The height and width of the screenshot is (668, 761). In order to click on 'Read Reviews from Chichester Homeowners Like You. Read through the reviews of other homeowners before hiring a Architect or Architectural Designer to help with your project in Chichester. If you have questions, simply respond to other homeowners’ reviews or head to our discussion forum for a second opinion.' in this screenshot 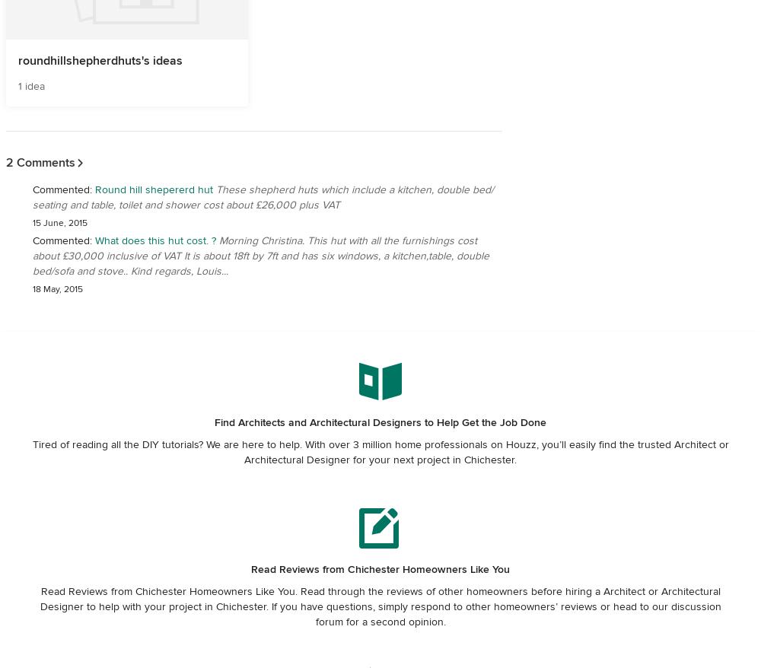, I will do `click(379, 605)`.